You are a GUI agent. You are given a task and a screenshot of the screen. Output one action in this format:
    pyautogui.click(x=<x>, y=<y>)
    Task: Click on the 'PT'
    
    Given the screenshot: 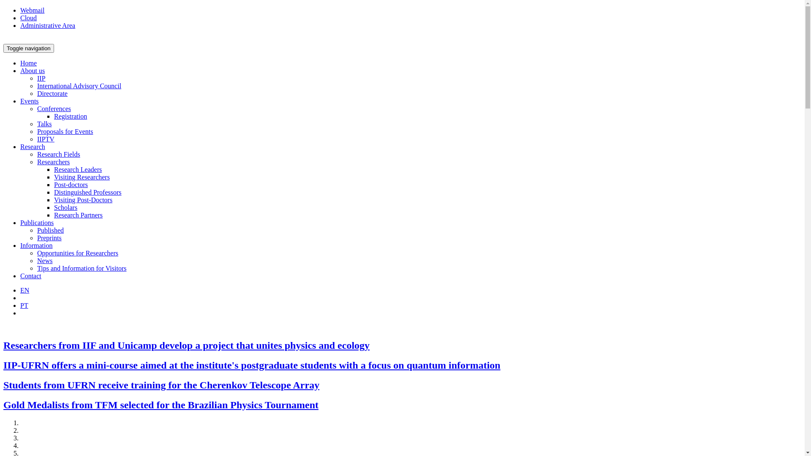 What is the action you would take?
    pyautogui.click(x=24, y=305)
    